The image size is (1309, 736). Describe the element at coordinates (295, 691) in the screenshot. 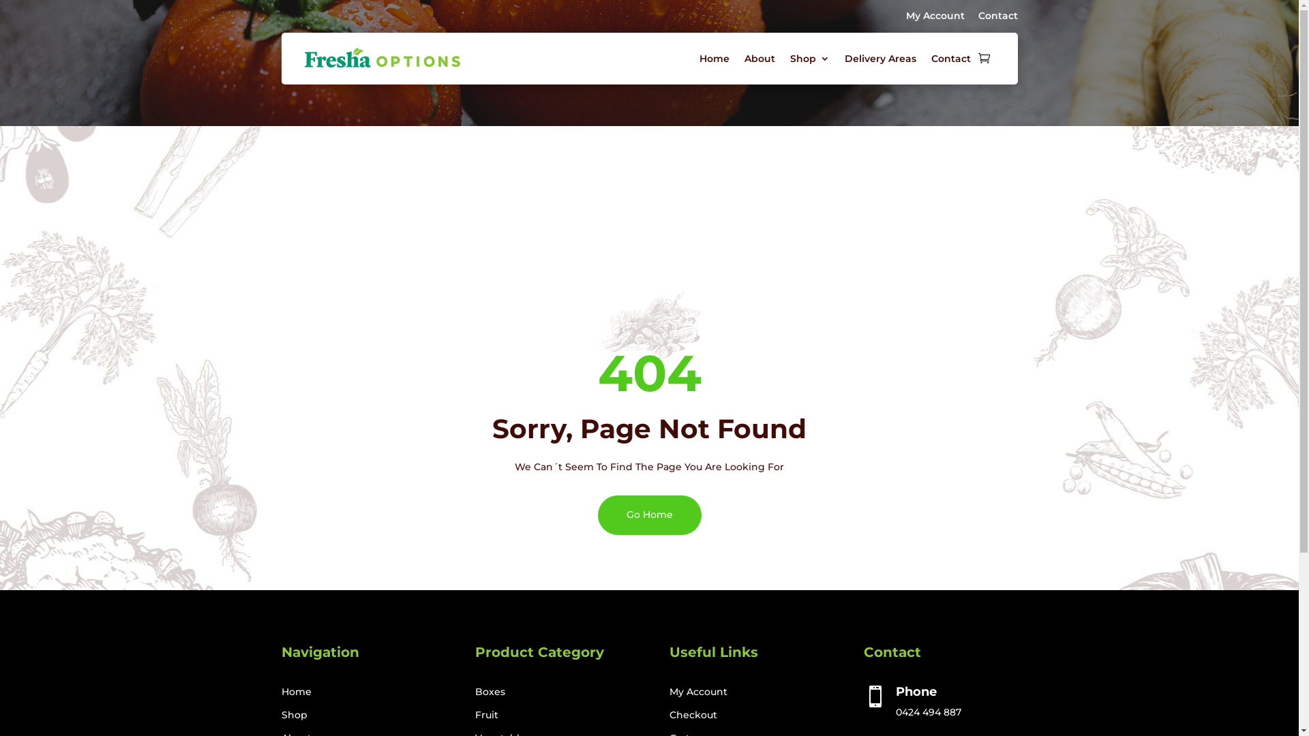

I see `'Home'` at that location.